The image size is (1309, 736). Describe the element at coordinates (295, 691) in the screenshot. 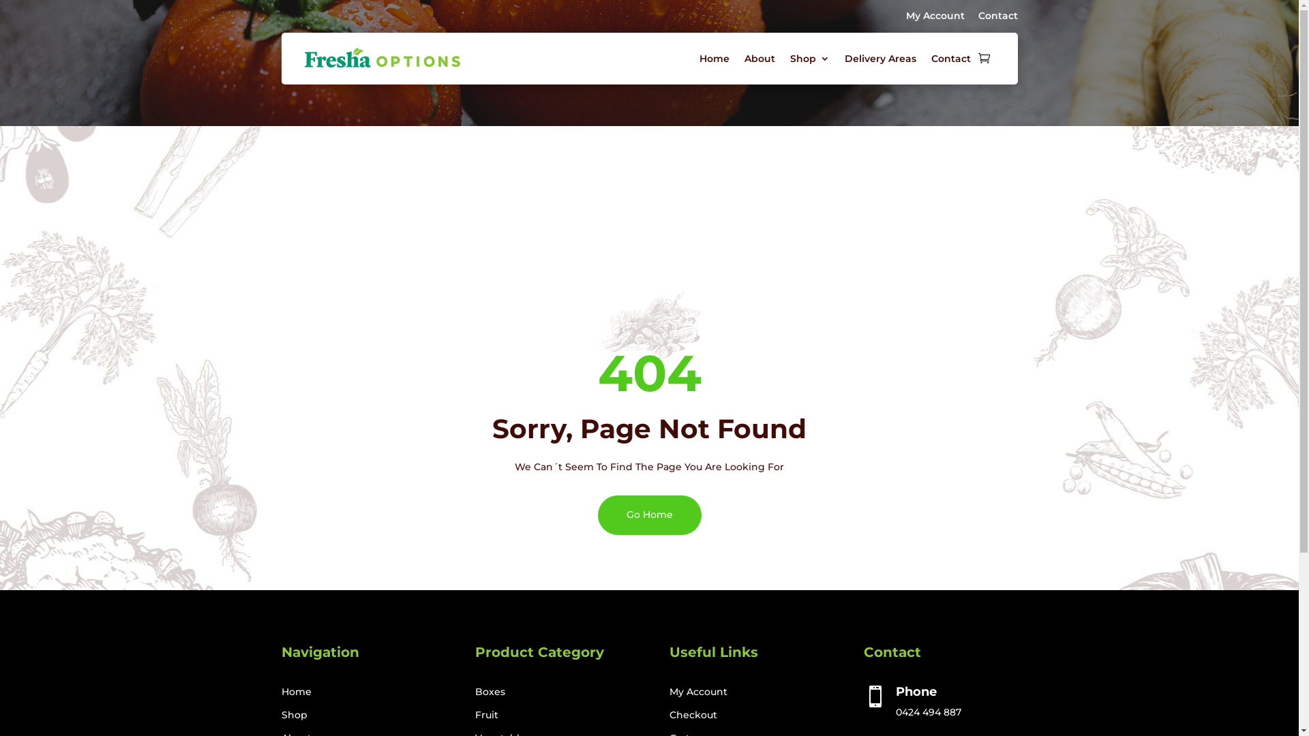

I see `'Home'` at that location.